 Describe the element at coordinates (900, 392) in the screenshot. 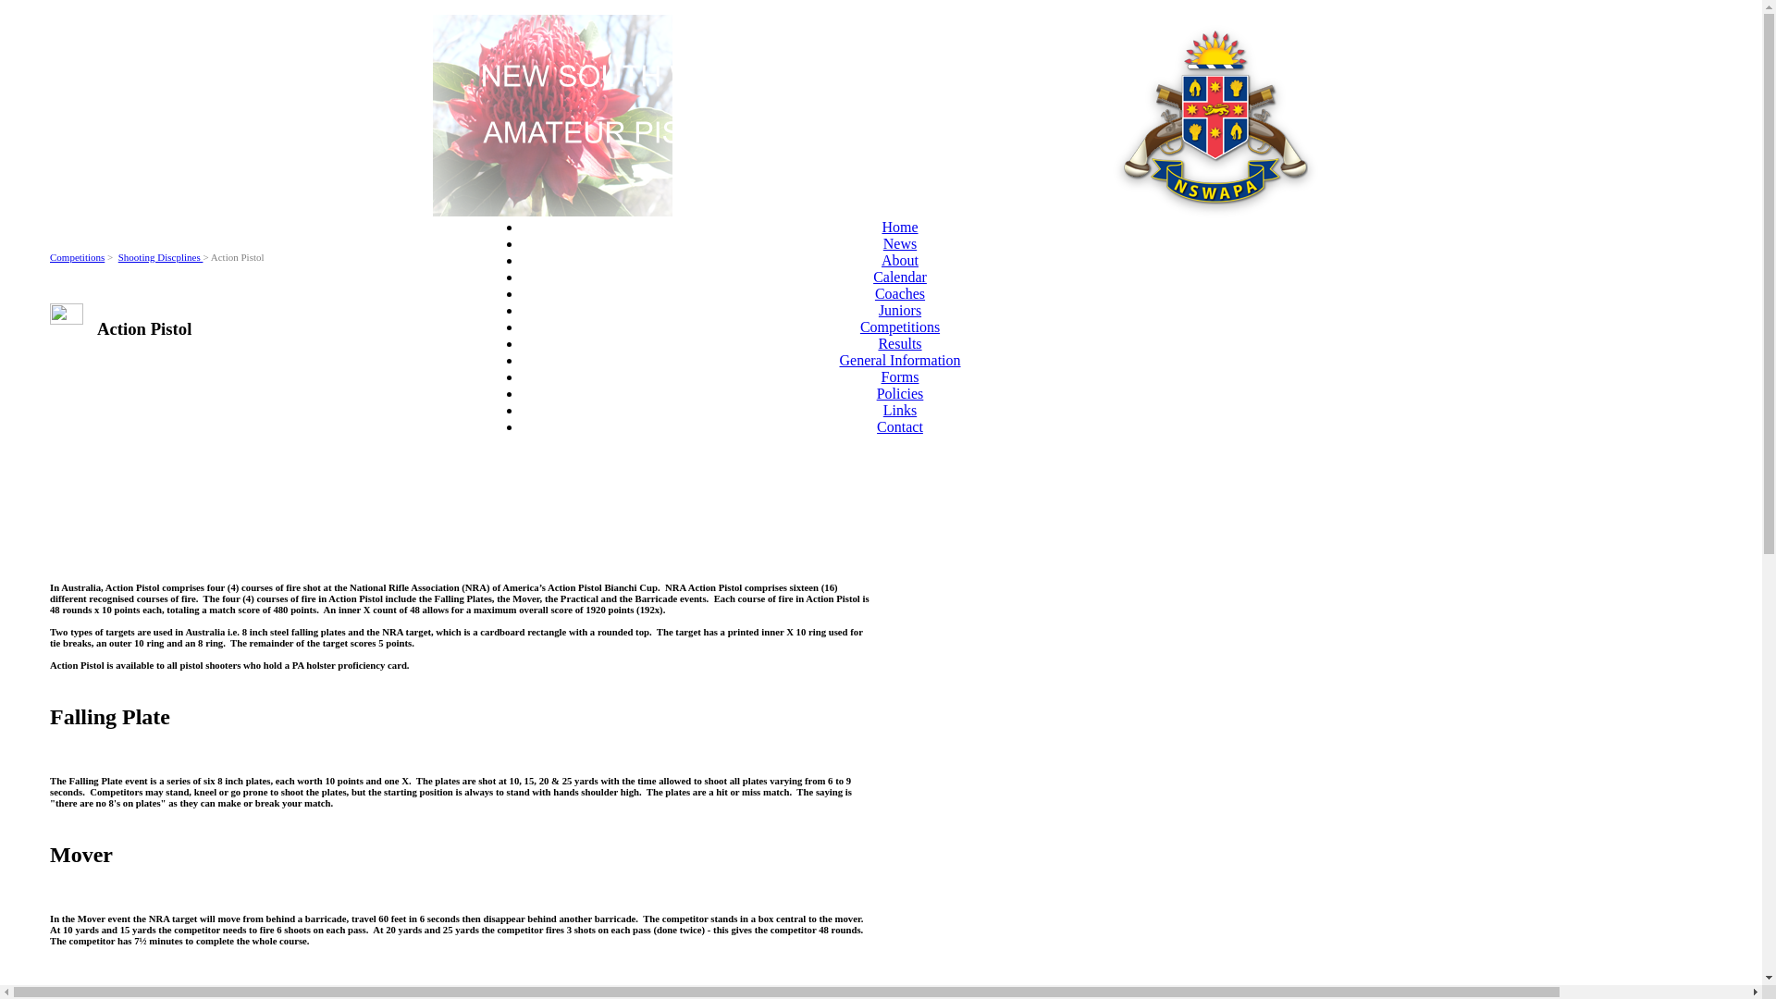

I see `'Policies'` at that location.